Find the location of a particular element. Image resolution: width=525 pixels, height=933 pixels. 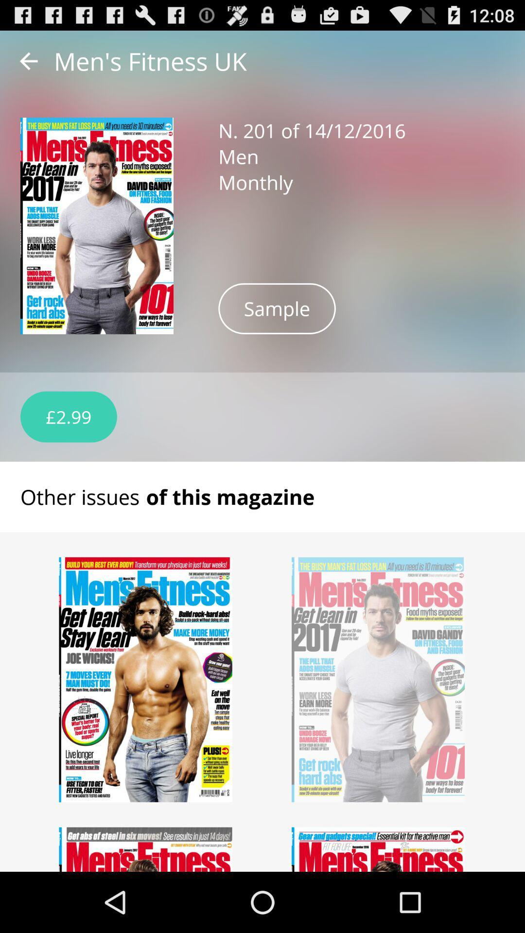

issue is located at coordinates (378, 849).